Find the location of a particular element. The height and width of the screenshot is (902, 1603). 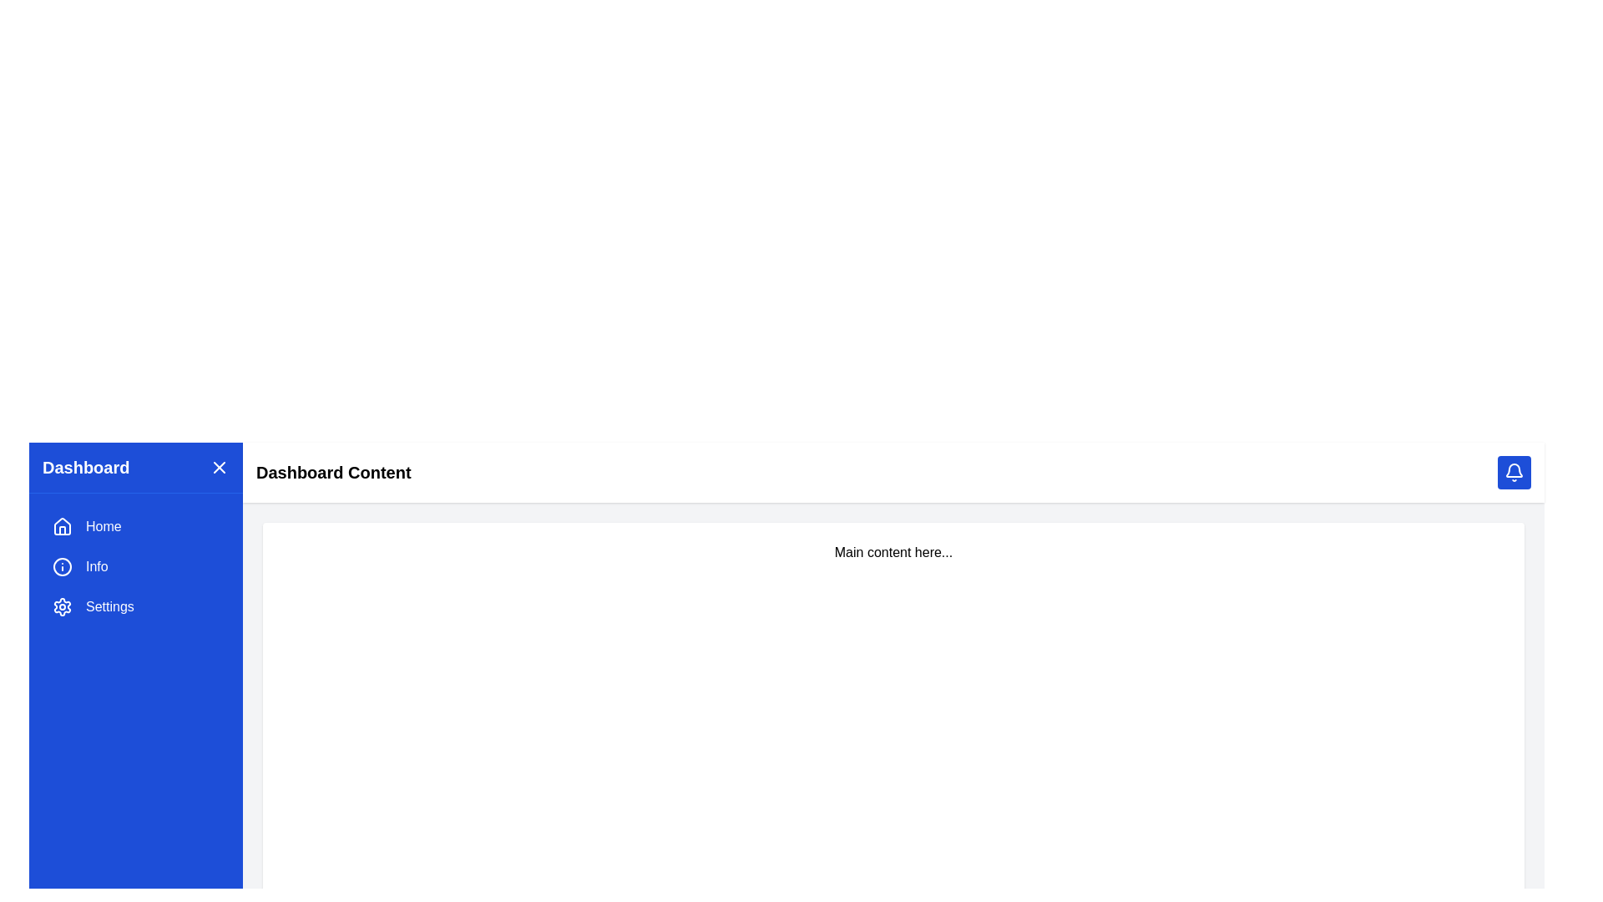

the close/dismiss vector graphic element located in the top-right of the sidebar's header area is located at coordinates (219, 467).